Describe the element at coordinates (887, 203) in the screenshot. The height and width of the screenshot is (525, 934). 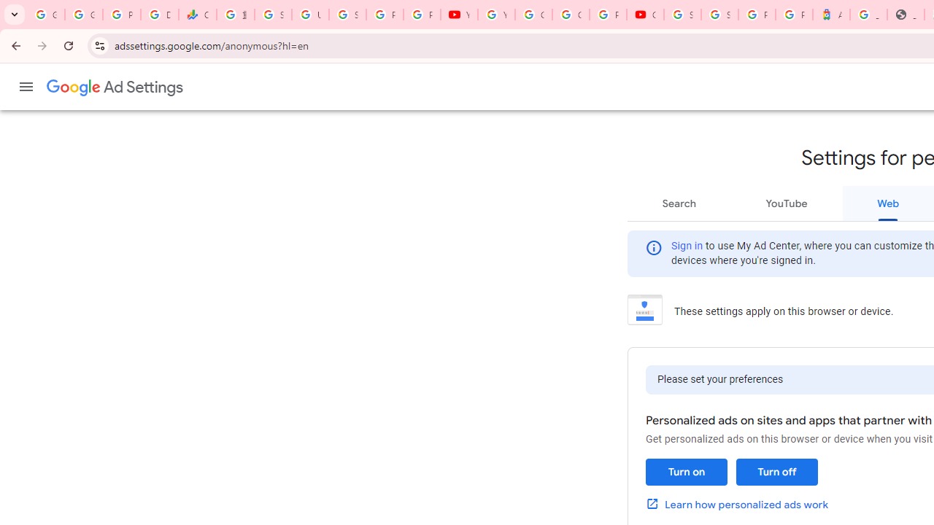
I see `'Web'` at that location.